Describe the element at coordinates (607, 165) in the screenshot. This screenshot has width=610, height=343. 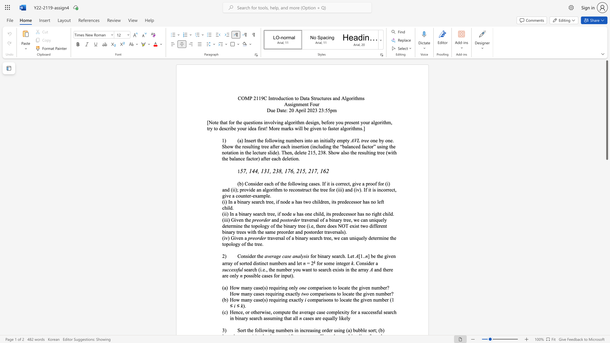
I see `the scrollbar to slide the page down` at that location.